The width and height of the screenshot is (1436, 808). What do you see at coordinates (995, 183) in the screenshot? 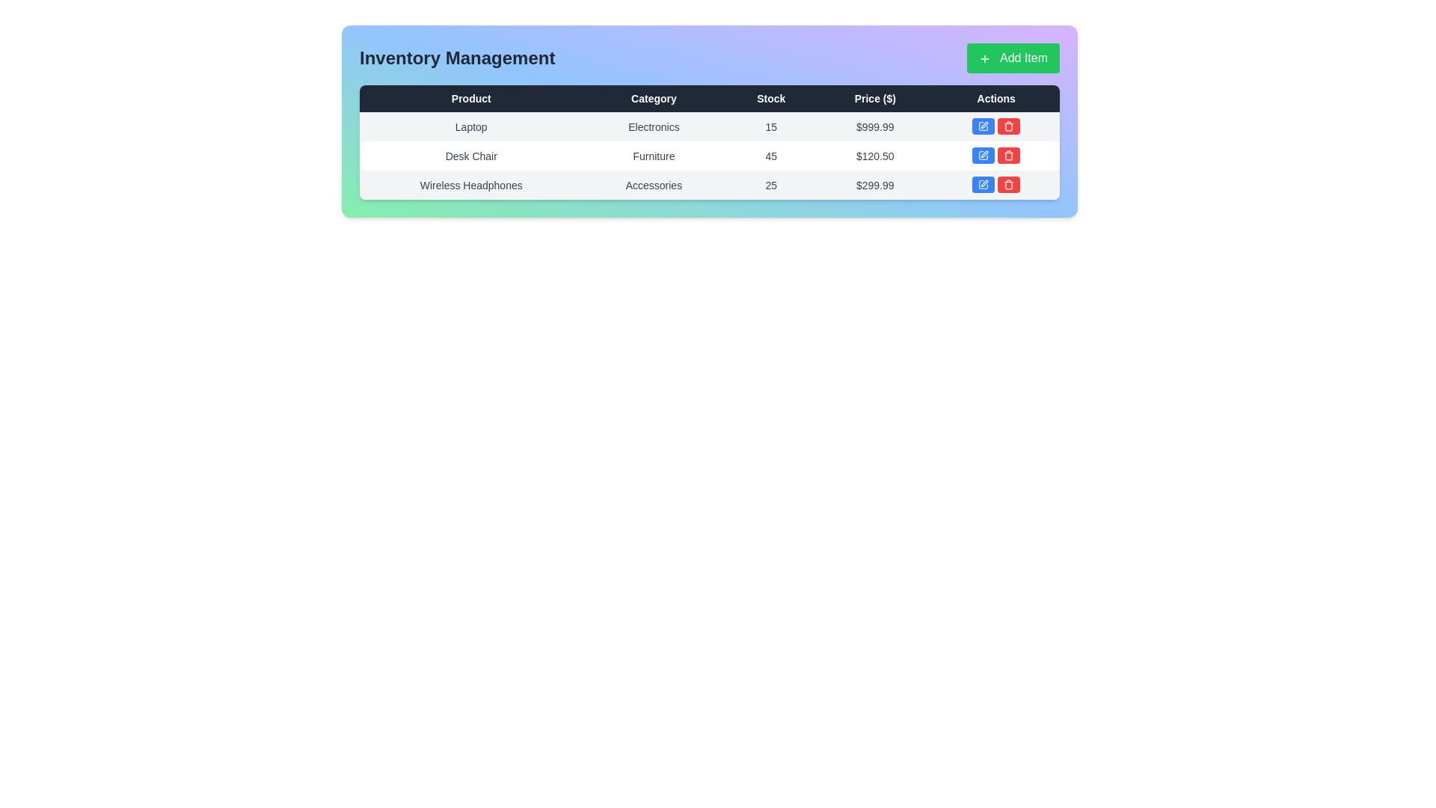
I see `the red delete button in the last row of the inventory table under the 'Actions' column` at bounding box center [995, 183].